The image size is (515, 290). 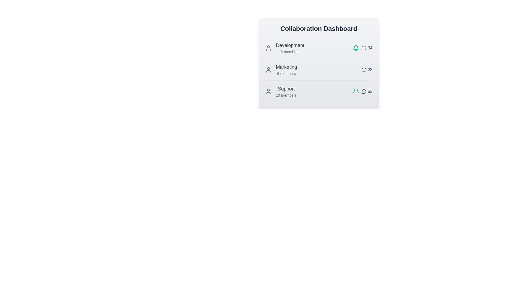 What do you see at coordinates (286, 67) in the screenshot?
I see `the team name Marketing` at bounding box center [286, 67].